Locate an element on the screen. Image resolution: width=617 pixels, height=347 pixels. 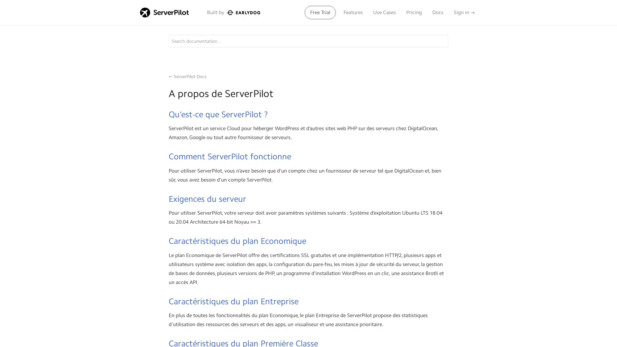
Pricing is located at coordinates (414, 12).